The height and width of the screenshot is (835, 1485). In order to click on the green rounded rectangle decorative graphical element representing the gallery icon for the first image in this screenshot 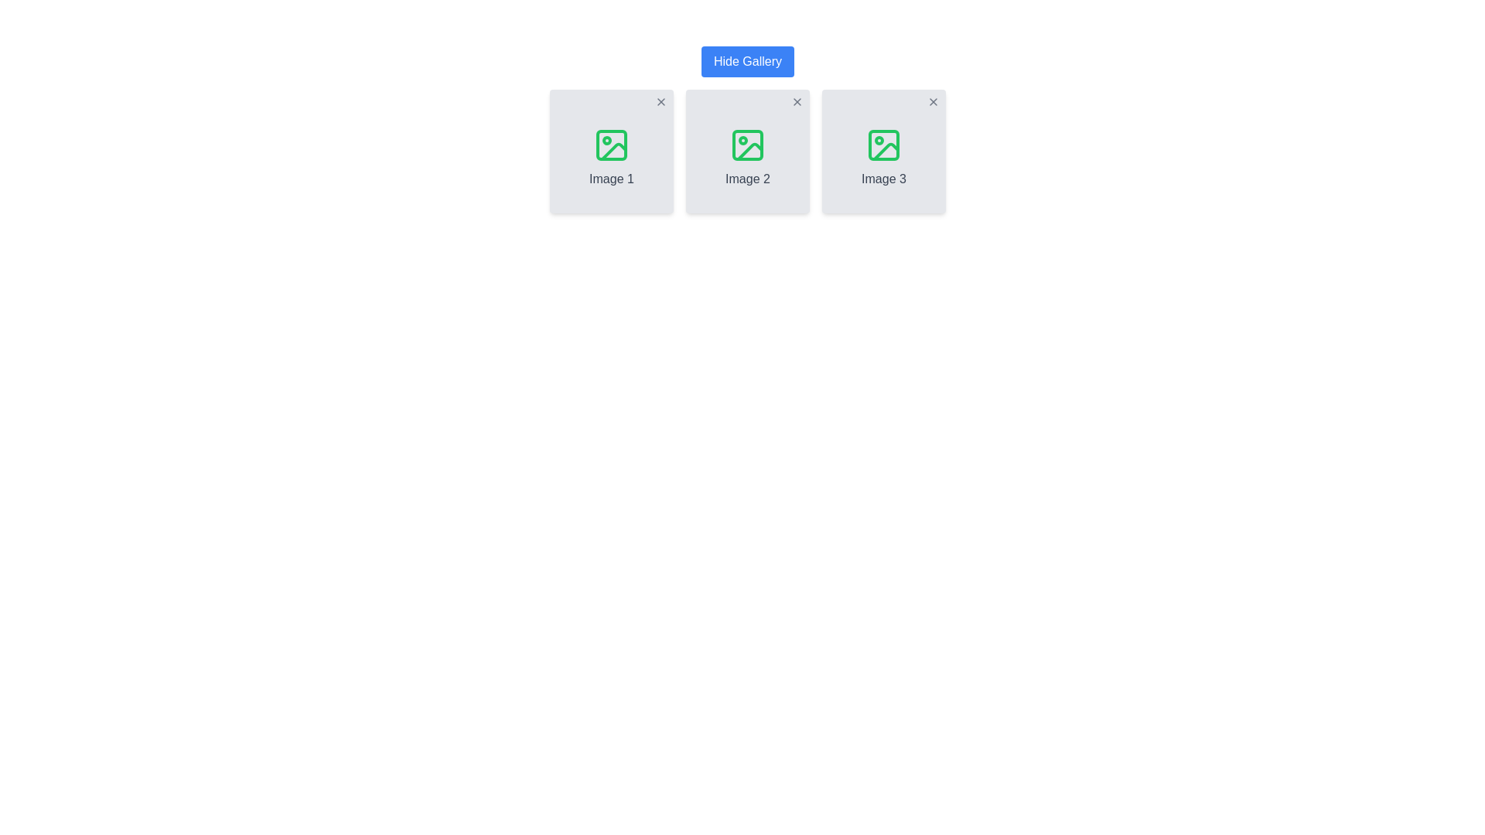, I will do `click(611, 145)`.